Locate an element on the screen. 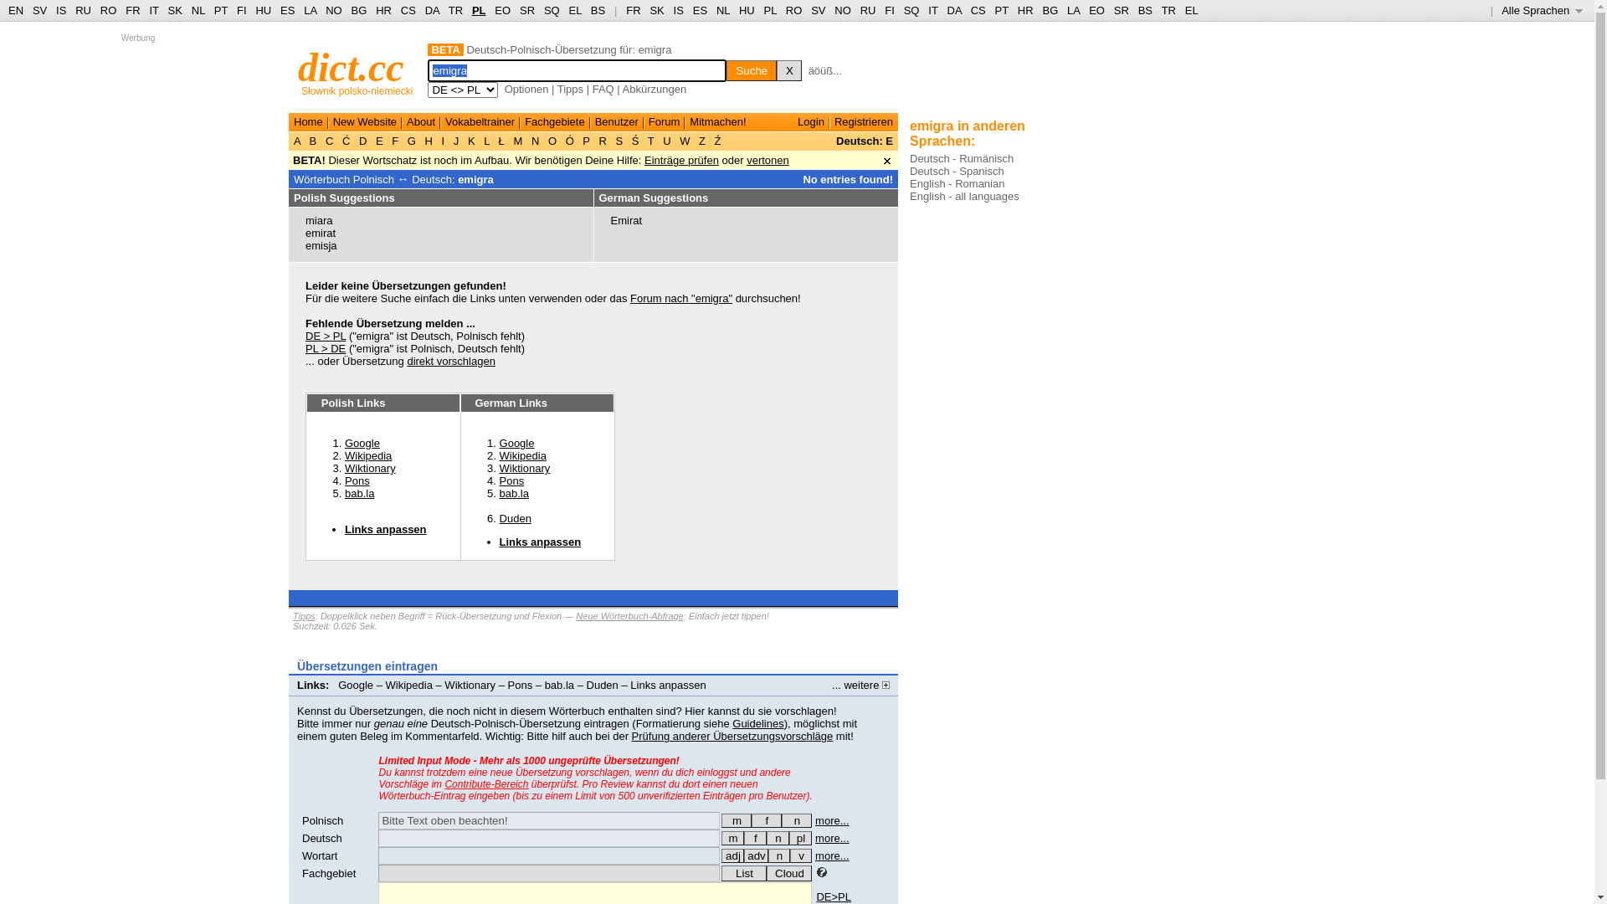 The width and height of the screenshot is (1607, 904). '... weitere' is located at coordinates (860, 685).